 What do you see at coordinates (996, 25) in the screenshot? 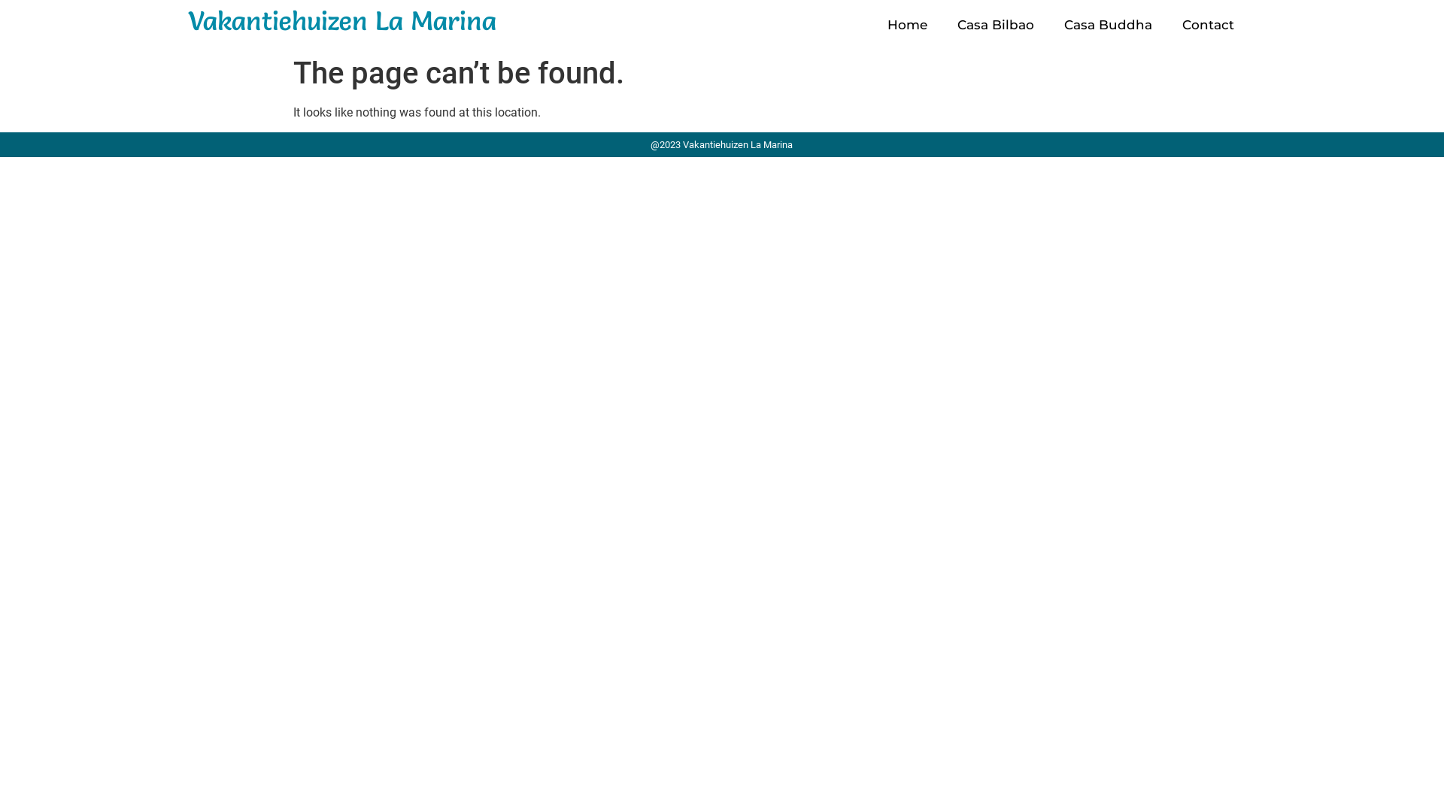
I see `'Casa Bilbao'` at bounding box center [996, 25].